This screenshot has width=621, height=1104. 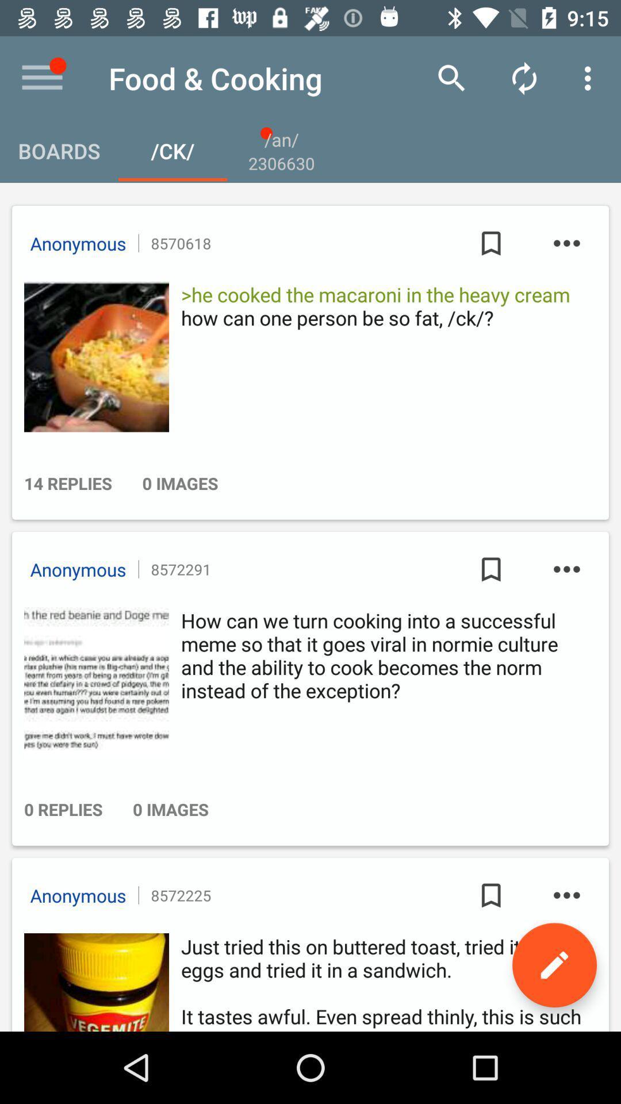 What do you see at coordinates (41, 78) in the screenshot?
I see `home` at bounding box center [41, 78].